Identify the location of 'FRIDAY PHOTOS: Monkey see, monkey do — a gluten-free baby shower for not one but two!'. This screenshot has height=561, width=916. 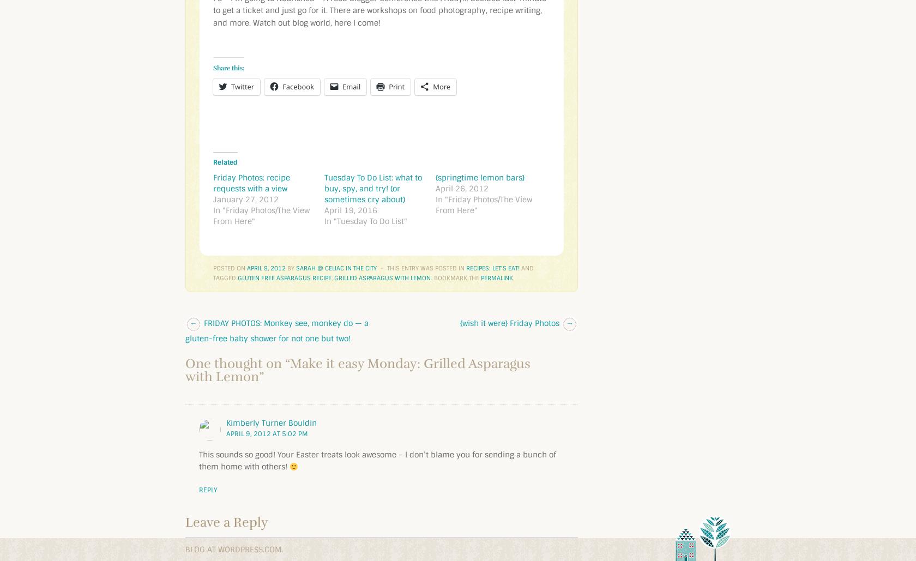
(276, 331).